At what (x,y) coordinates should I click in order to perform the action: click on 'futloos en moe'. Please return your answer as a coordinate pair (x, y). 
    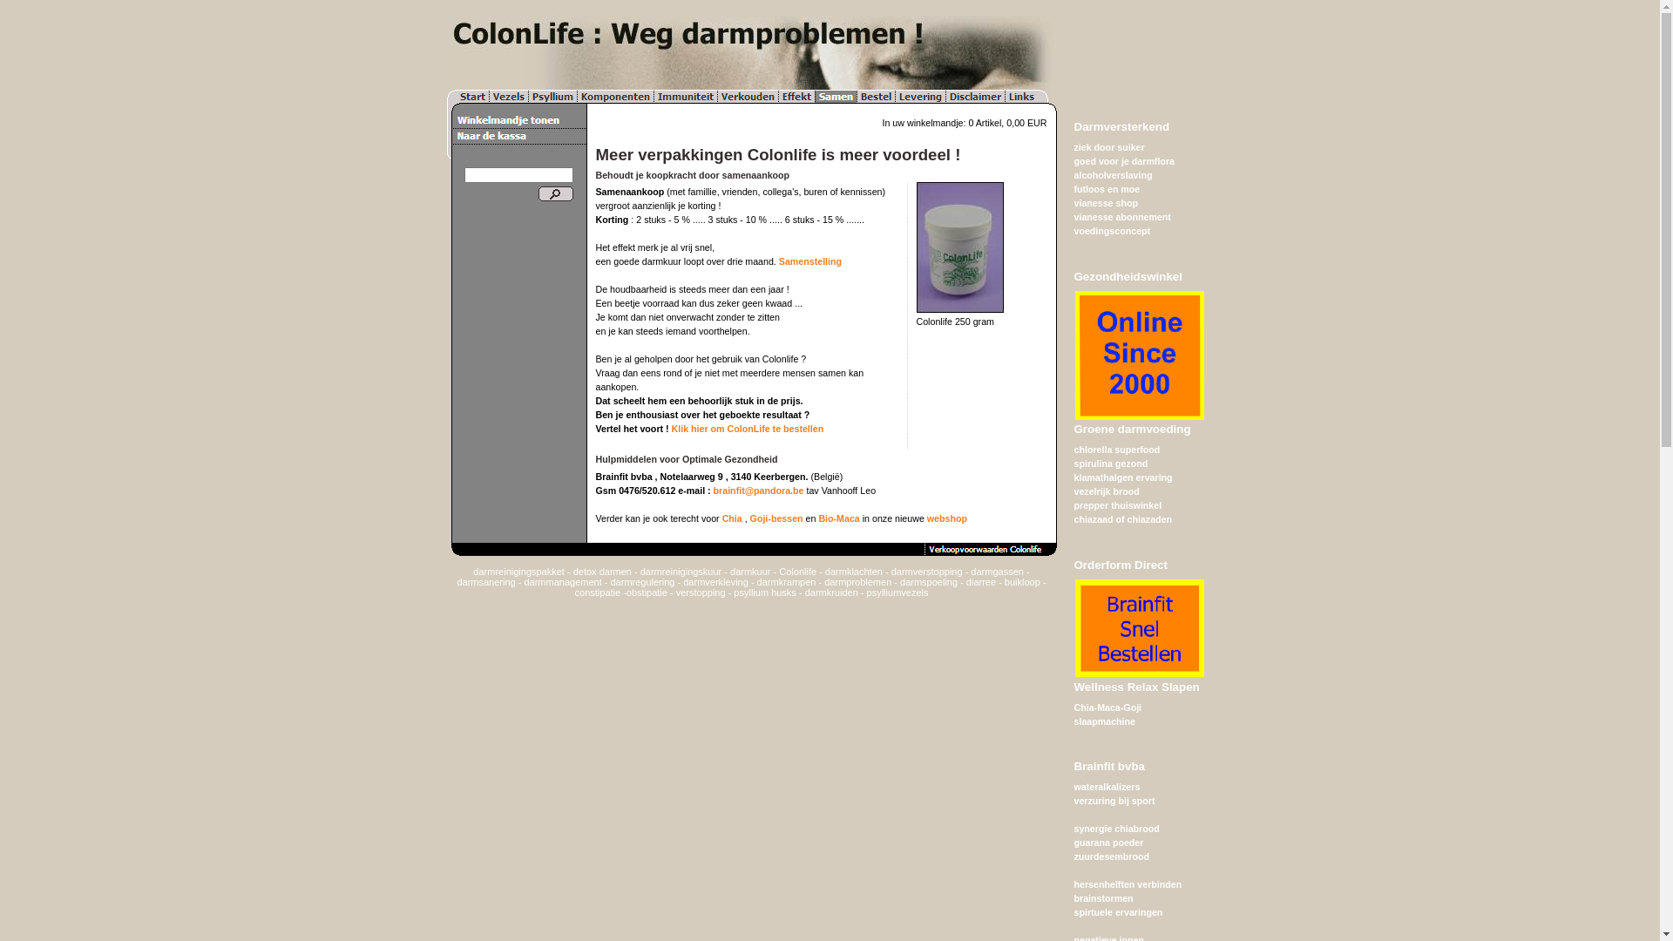
    Looking at the image, I should click on (1073, 188).